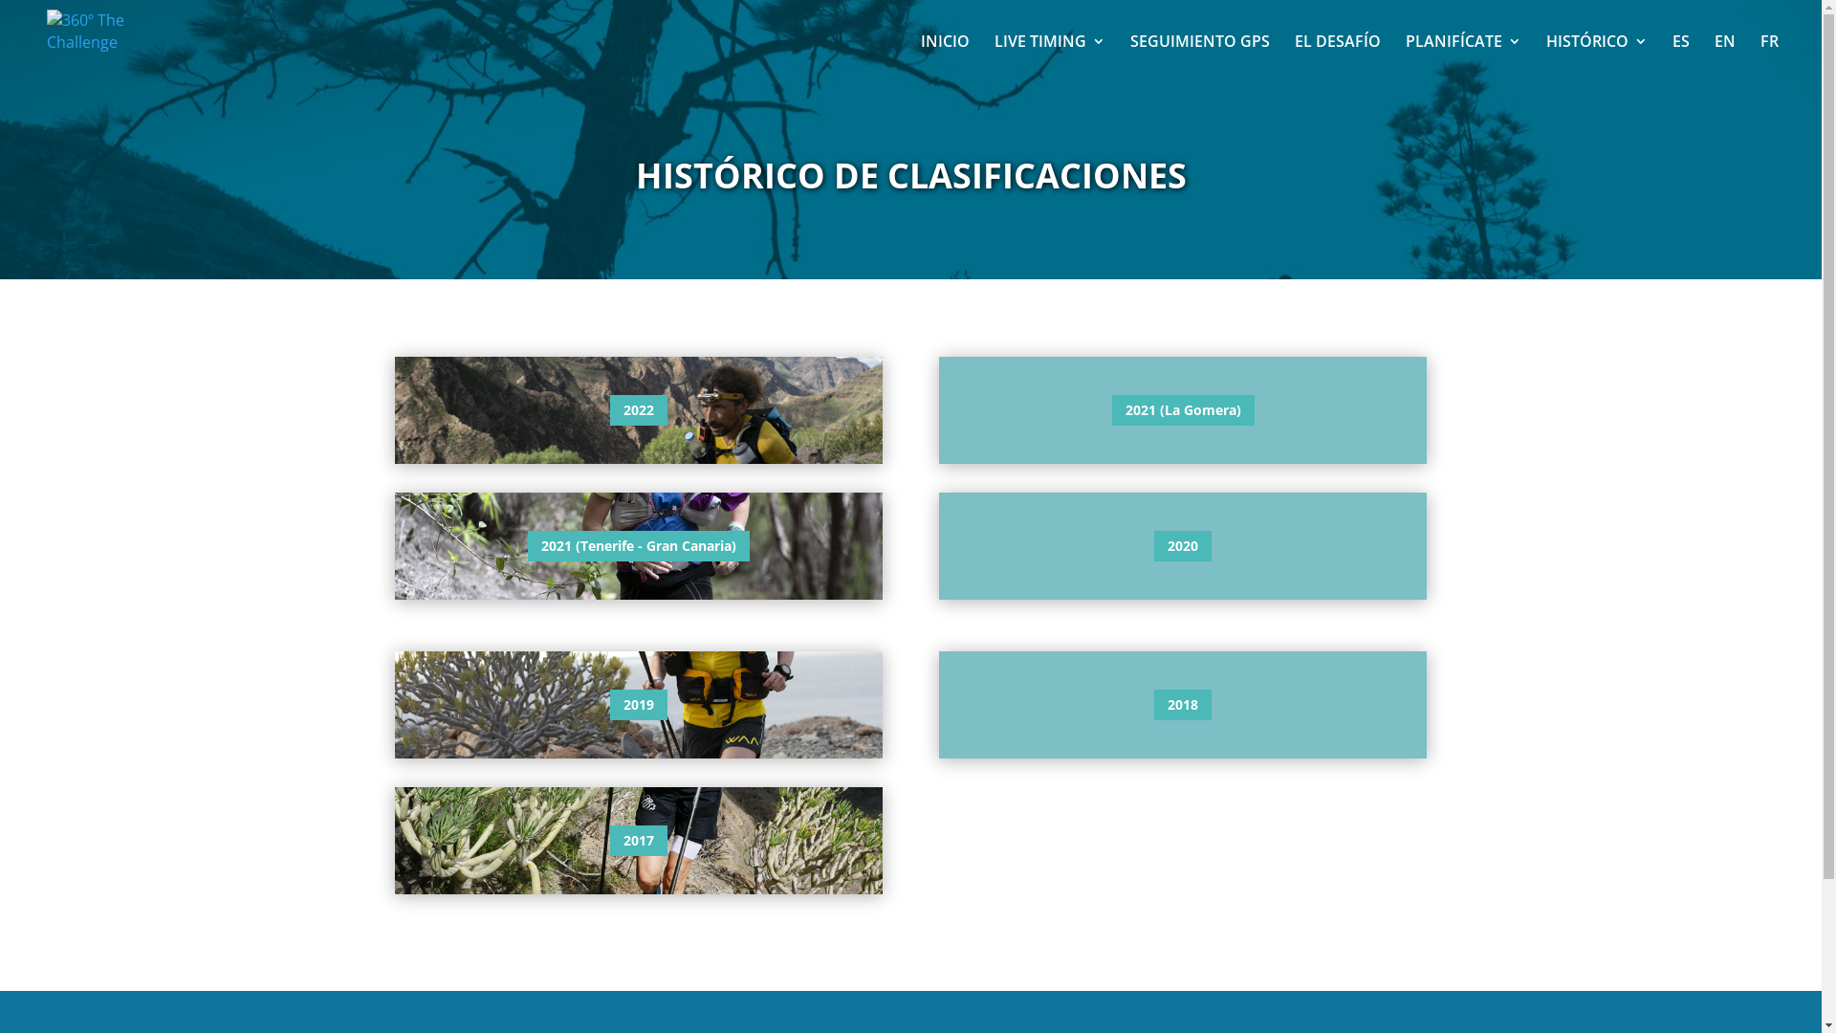 This screenshot has width=1836, height=1033. Describe the element at coordinates (638, 545) in the screenshot. I see `'2021 (Tenerife - Gran Canaria)'` at that location.